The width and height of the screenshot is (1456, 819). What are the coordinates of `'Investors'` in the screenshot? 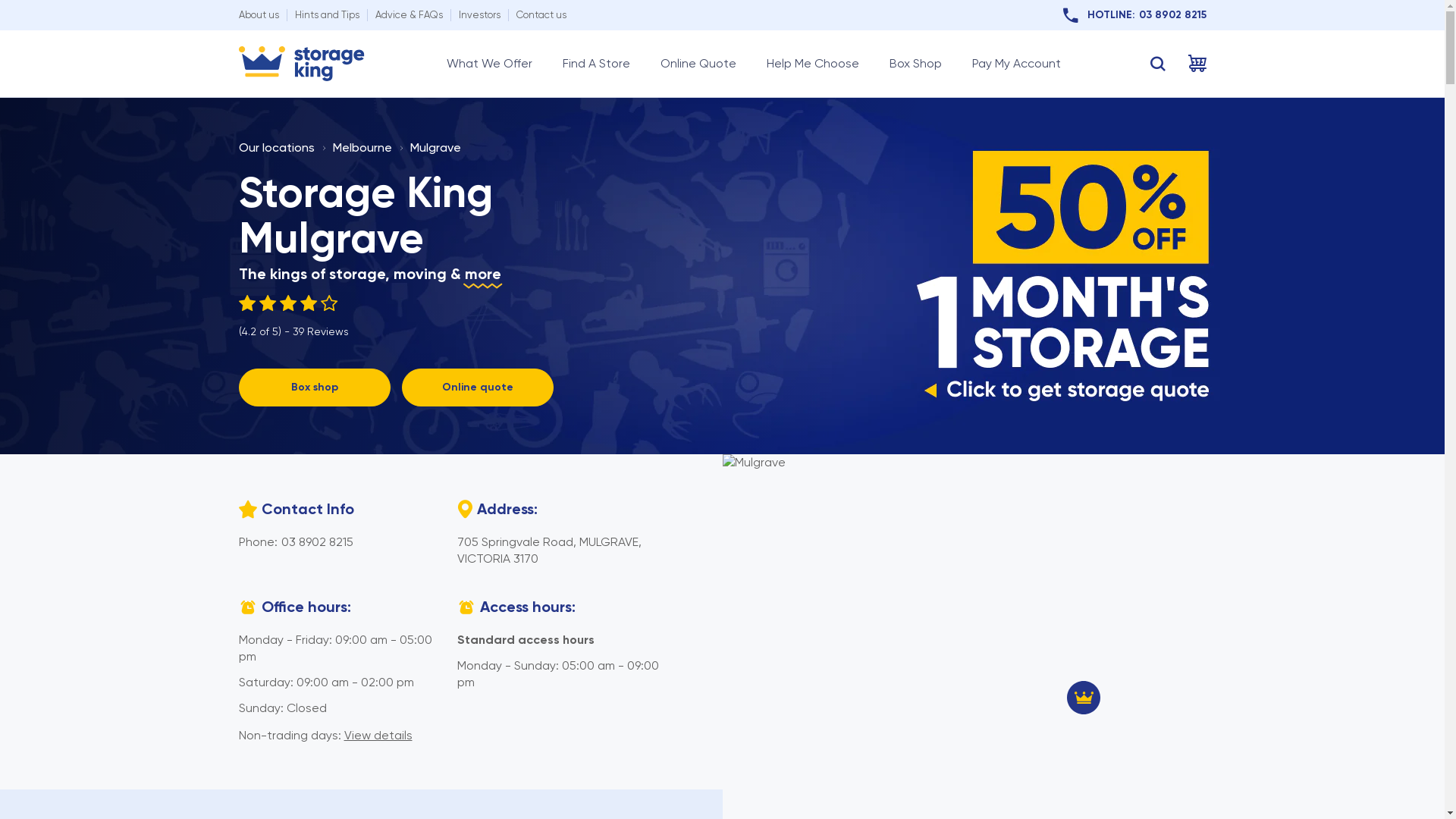 It's located at (478, 14).